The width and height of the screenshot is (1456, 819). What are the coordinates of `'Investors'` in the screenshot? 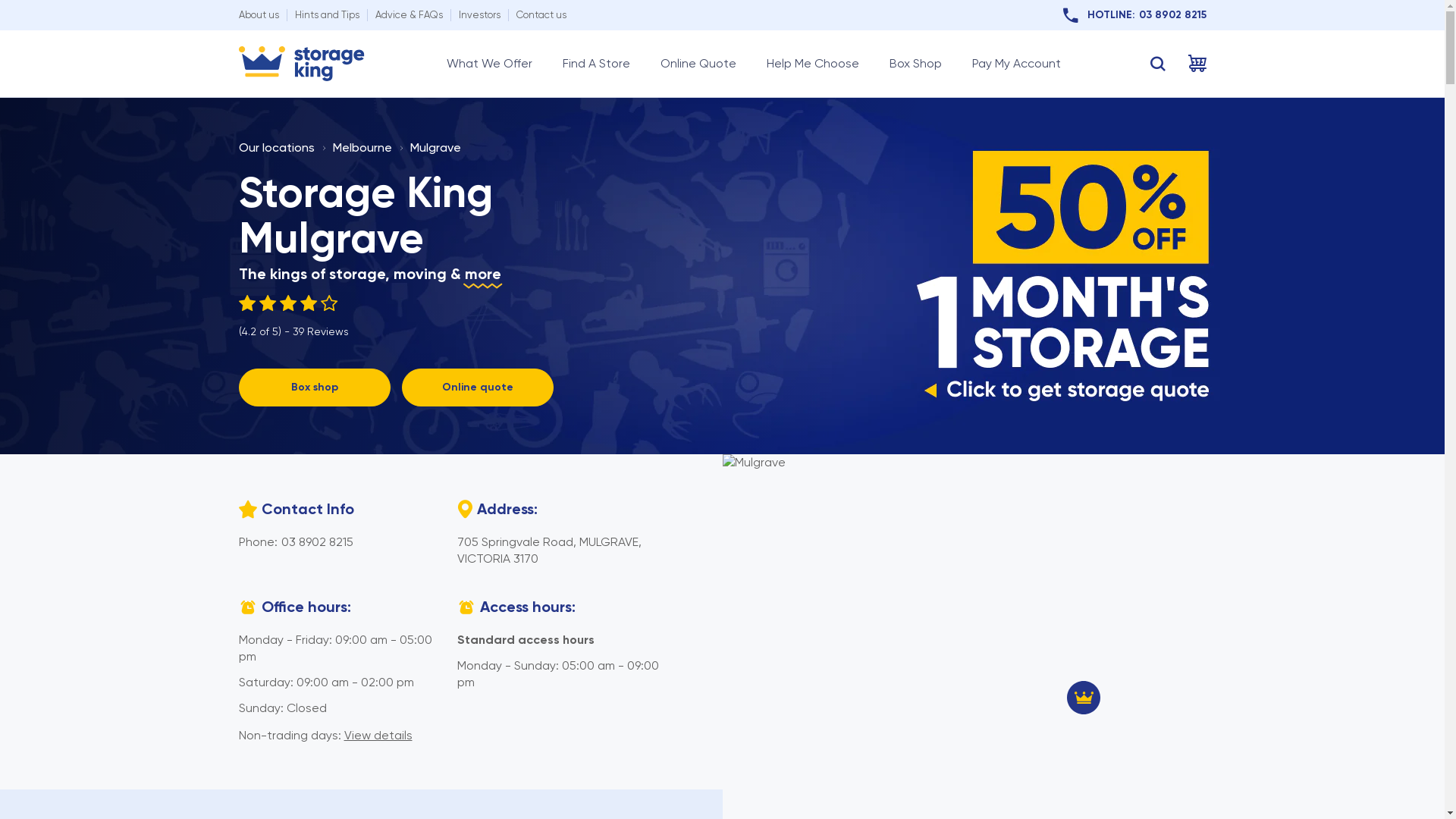 It's located at (478, 14).